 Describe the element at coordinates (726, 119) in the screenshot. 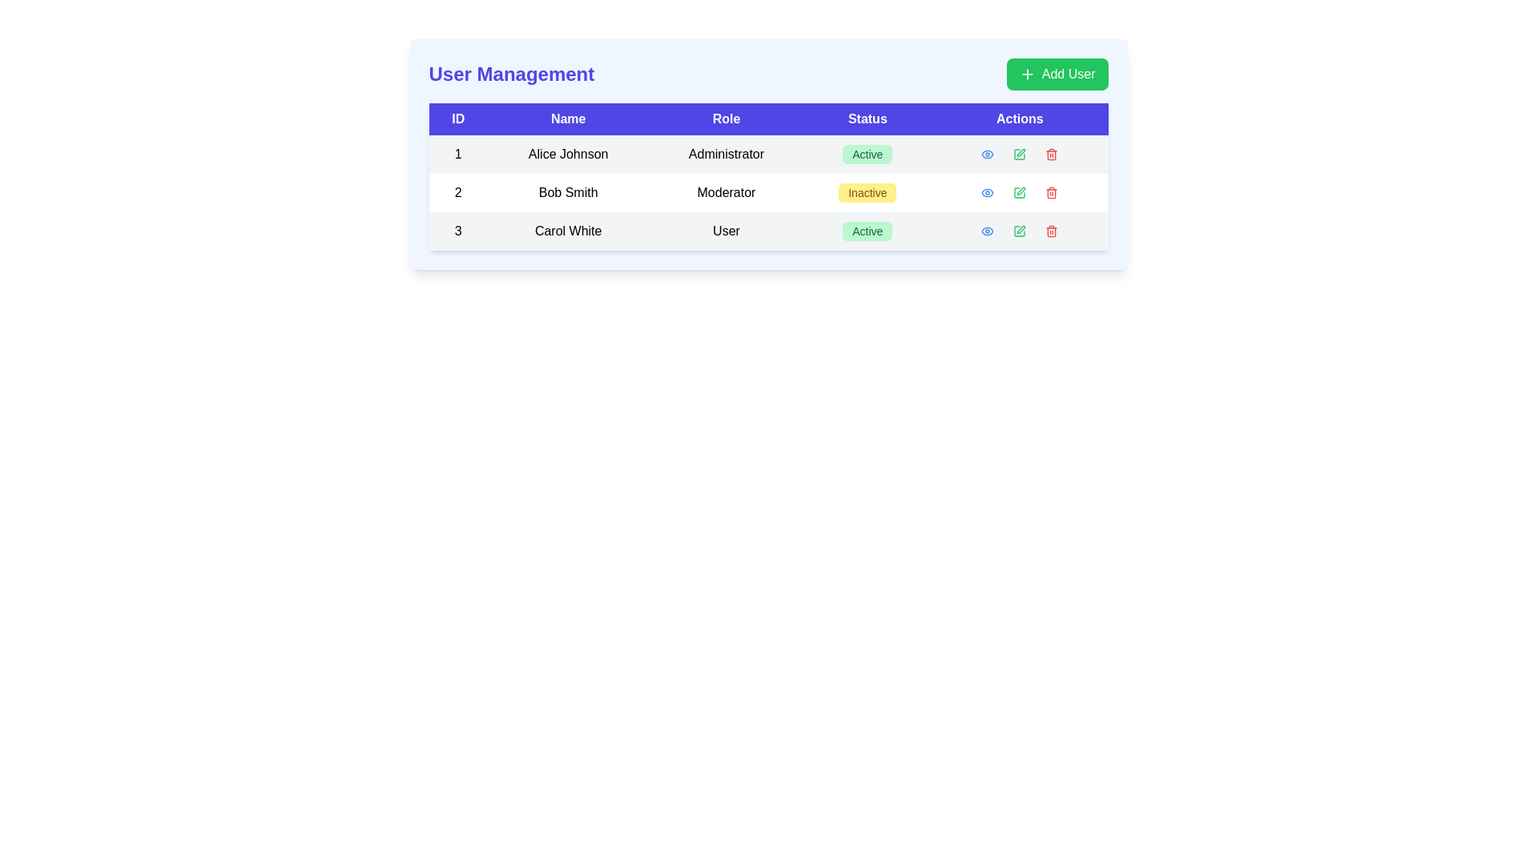

I see `the column header label that indicates role descriptions of users, positioned as the third header between 'Name' and 'Status'` at that location.